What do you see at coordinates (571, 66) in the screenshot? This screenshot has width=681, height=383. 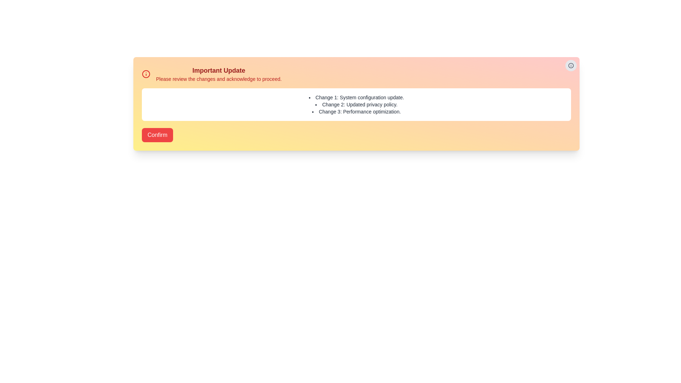 I see `the close button to dismiss the alert` at bounding box center [571, 66].